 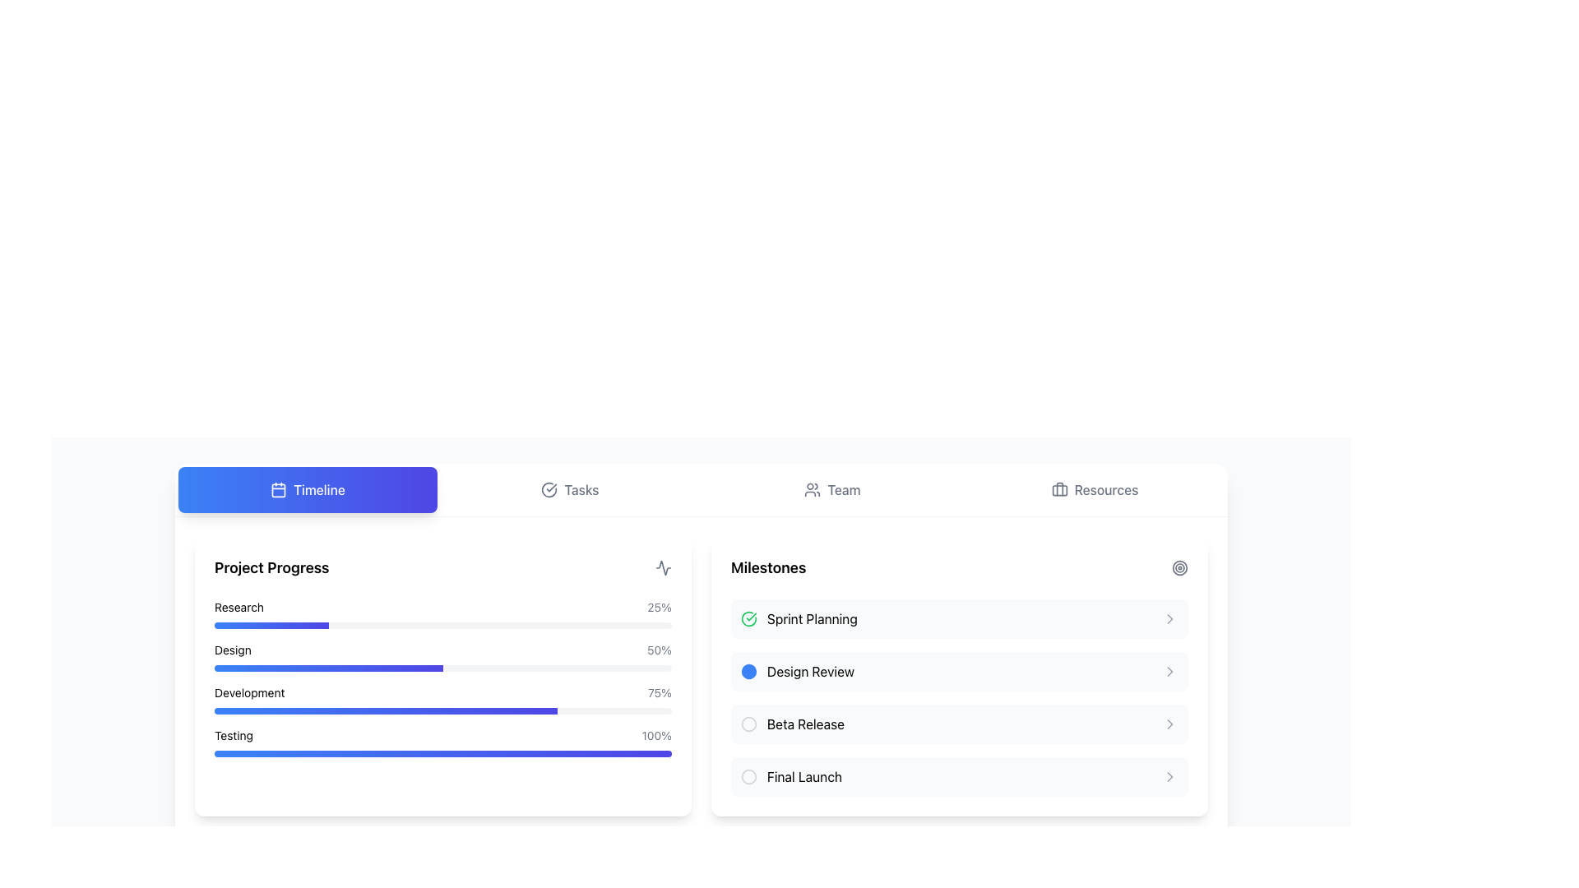 What do you see at coordinates (959, 676) in the screenshot?
I see `the milestone item in the list of milestones associated with the project` at bounding box center [959, 676].